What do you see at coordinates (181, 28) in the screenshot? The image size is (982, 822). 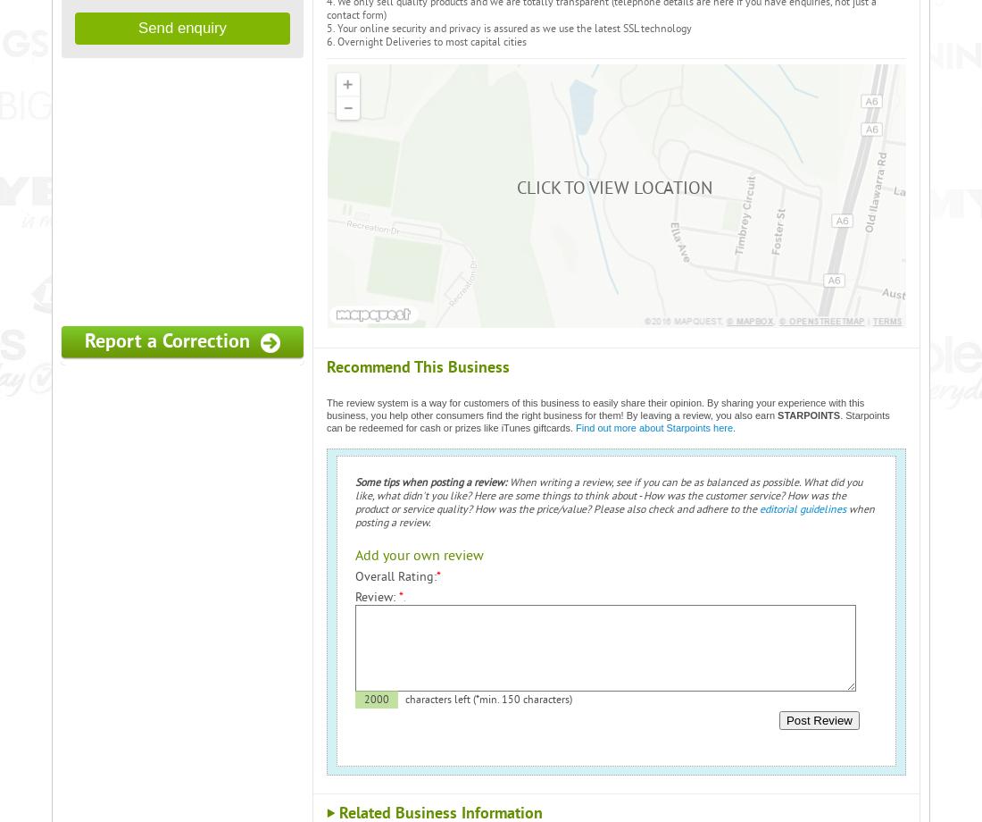 I see `'Send enquiry'` at bounding box center [181, 28].